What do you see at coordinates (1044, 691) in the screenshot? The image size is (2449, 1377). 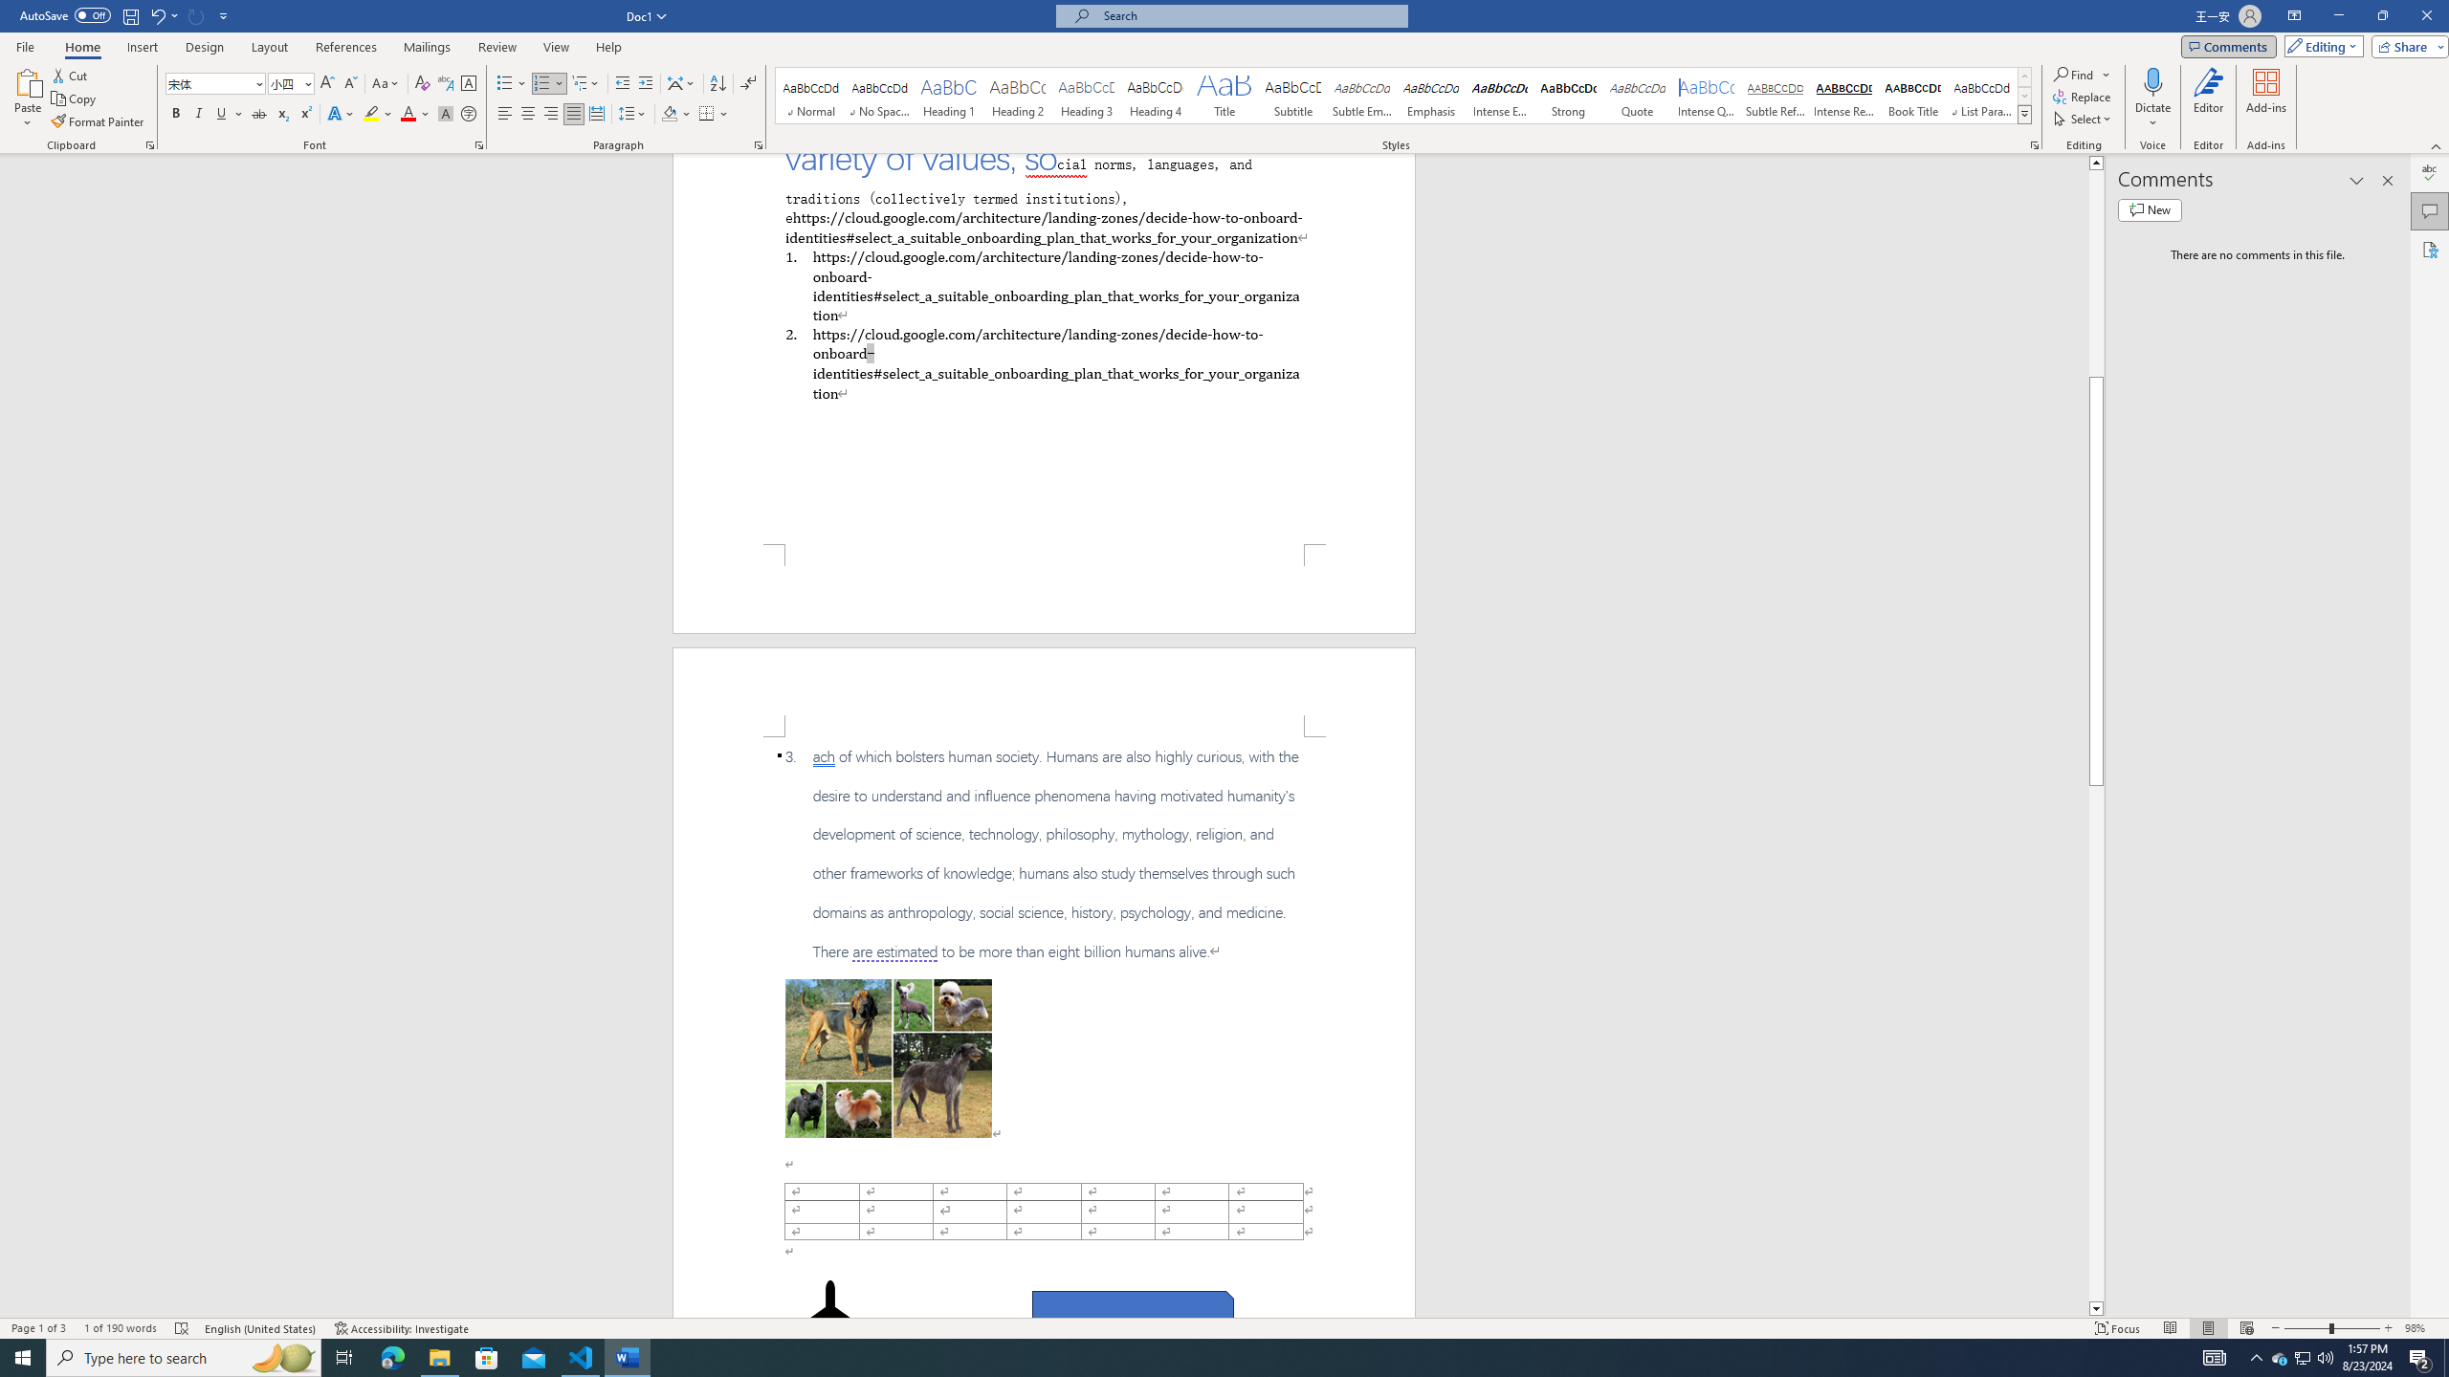 I see `'Header -Section 1-'` at bounding box center [1044, 691].